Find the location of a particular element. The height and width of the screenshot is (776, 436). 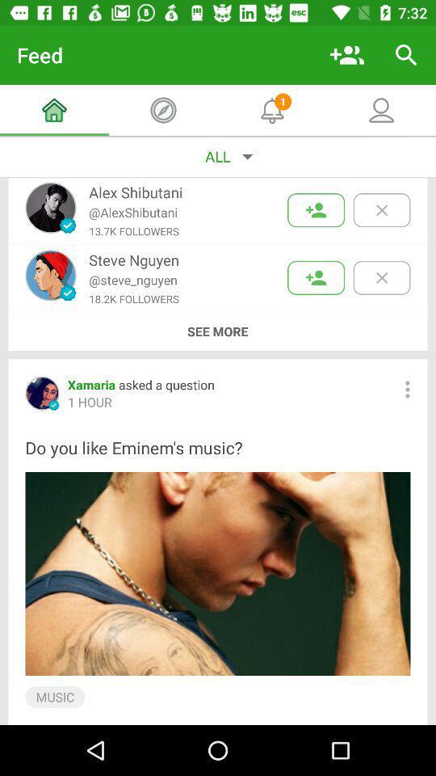

bring up options is located at coordinates (406, 389).